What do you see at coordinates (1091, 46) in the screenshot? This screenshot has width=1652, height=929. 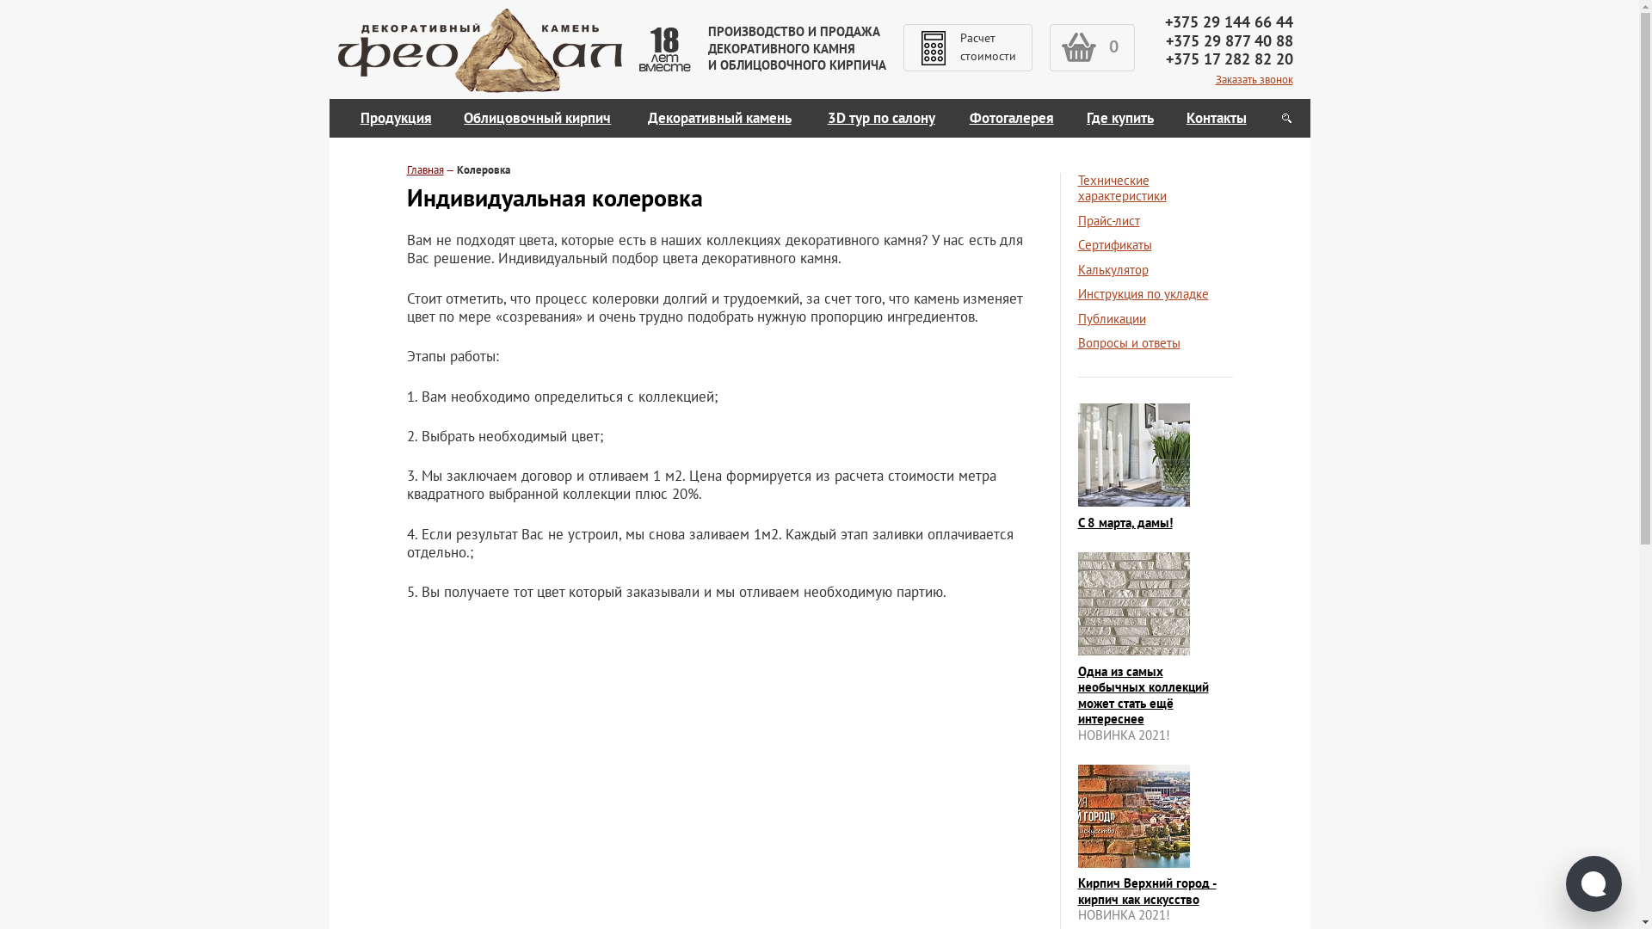 I see `'0'` at bounding box center [1091, 46].